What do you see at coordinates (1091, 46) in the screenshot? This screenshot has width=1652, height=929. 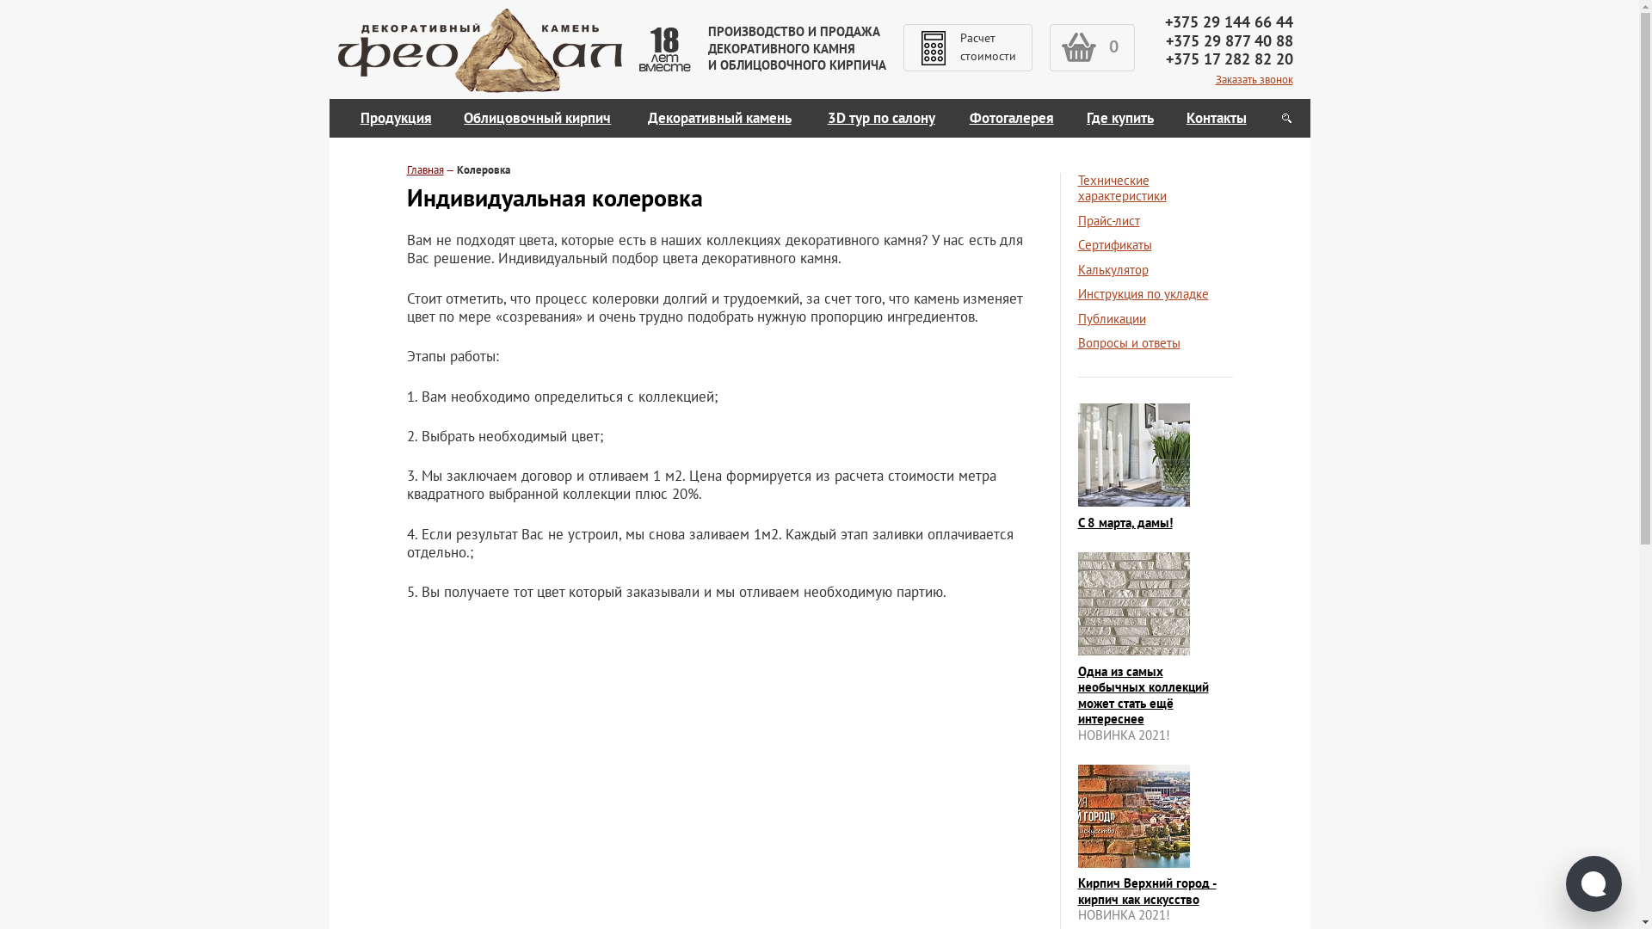 I see `'0'` at bounding box center [1091, 46].